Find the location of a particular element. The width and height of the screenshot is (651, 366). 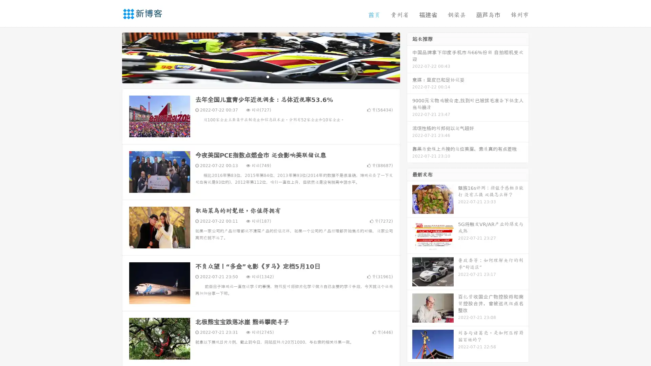

Go to slide 3 is located at coordinates (268, 76).